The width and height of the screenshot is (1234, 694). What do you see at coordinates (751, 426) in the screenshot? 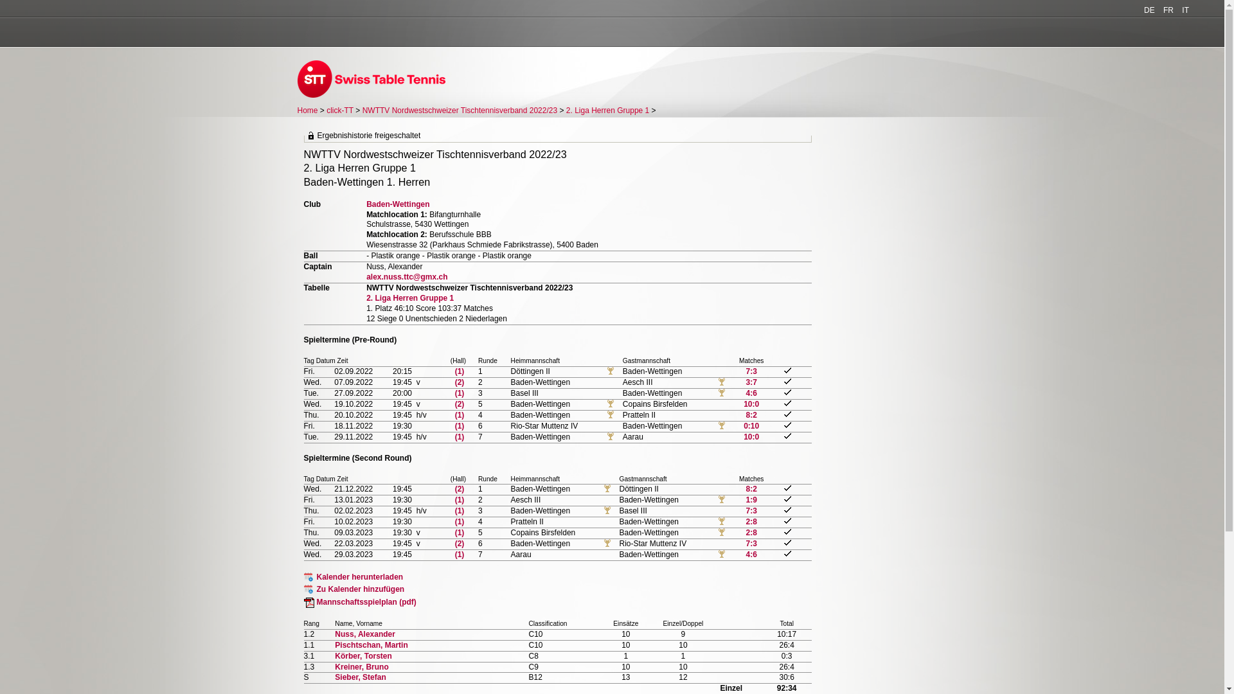
I see `'0:10'` at bounding box center [751, 426].